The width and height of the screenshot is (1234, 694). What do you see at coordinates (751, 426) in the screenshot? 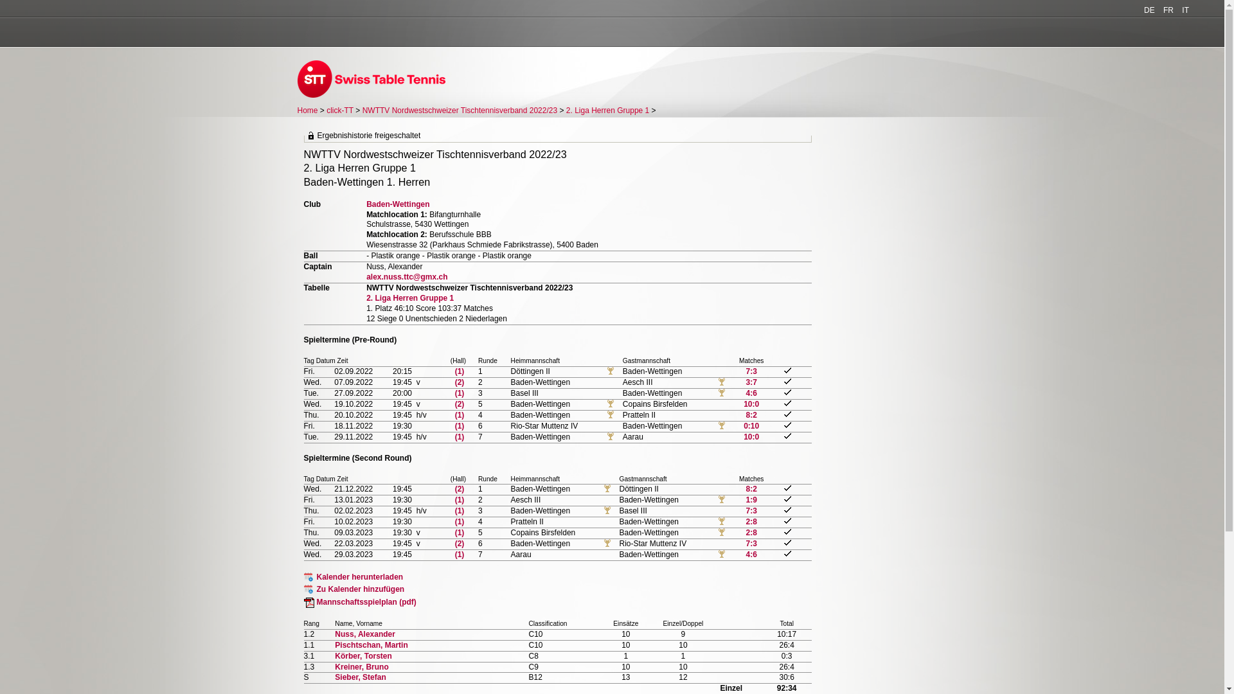
I see `'0:10'` at bounding box center [751, 426].